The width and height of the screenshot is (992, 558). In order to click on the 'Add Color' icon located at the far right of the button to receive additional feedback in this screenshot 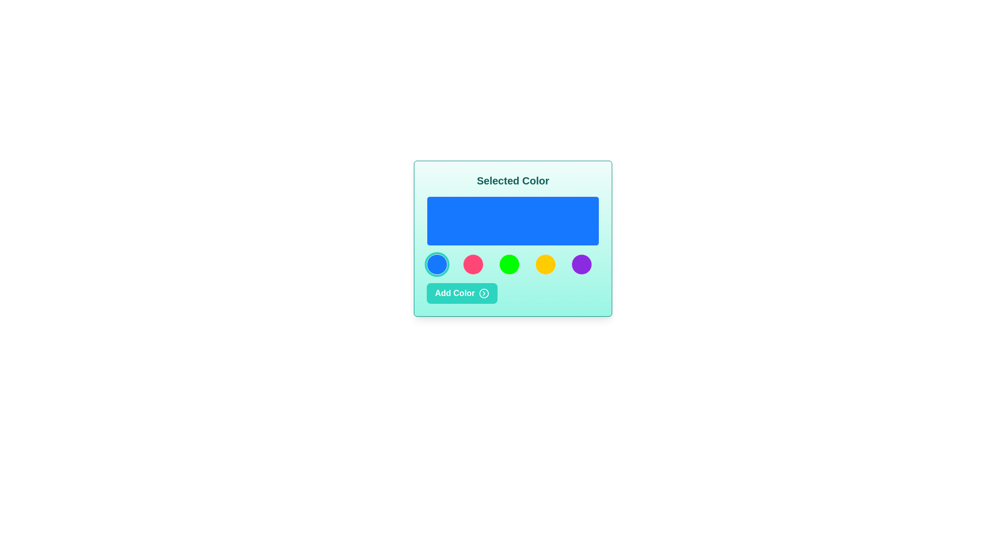, I will do `click(484, 293)`.